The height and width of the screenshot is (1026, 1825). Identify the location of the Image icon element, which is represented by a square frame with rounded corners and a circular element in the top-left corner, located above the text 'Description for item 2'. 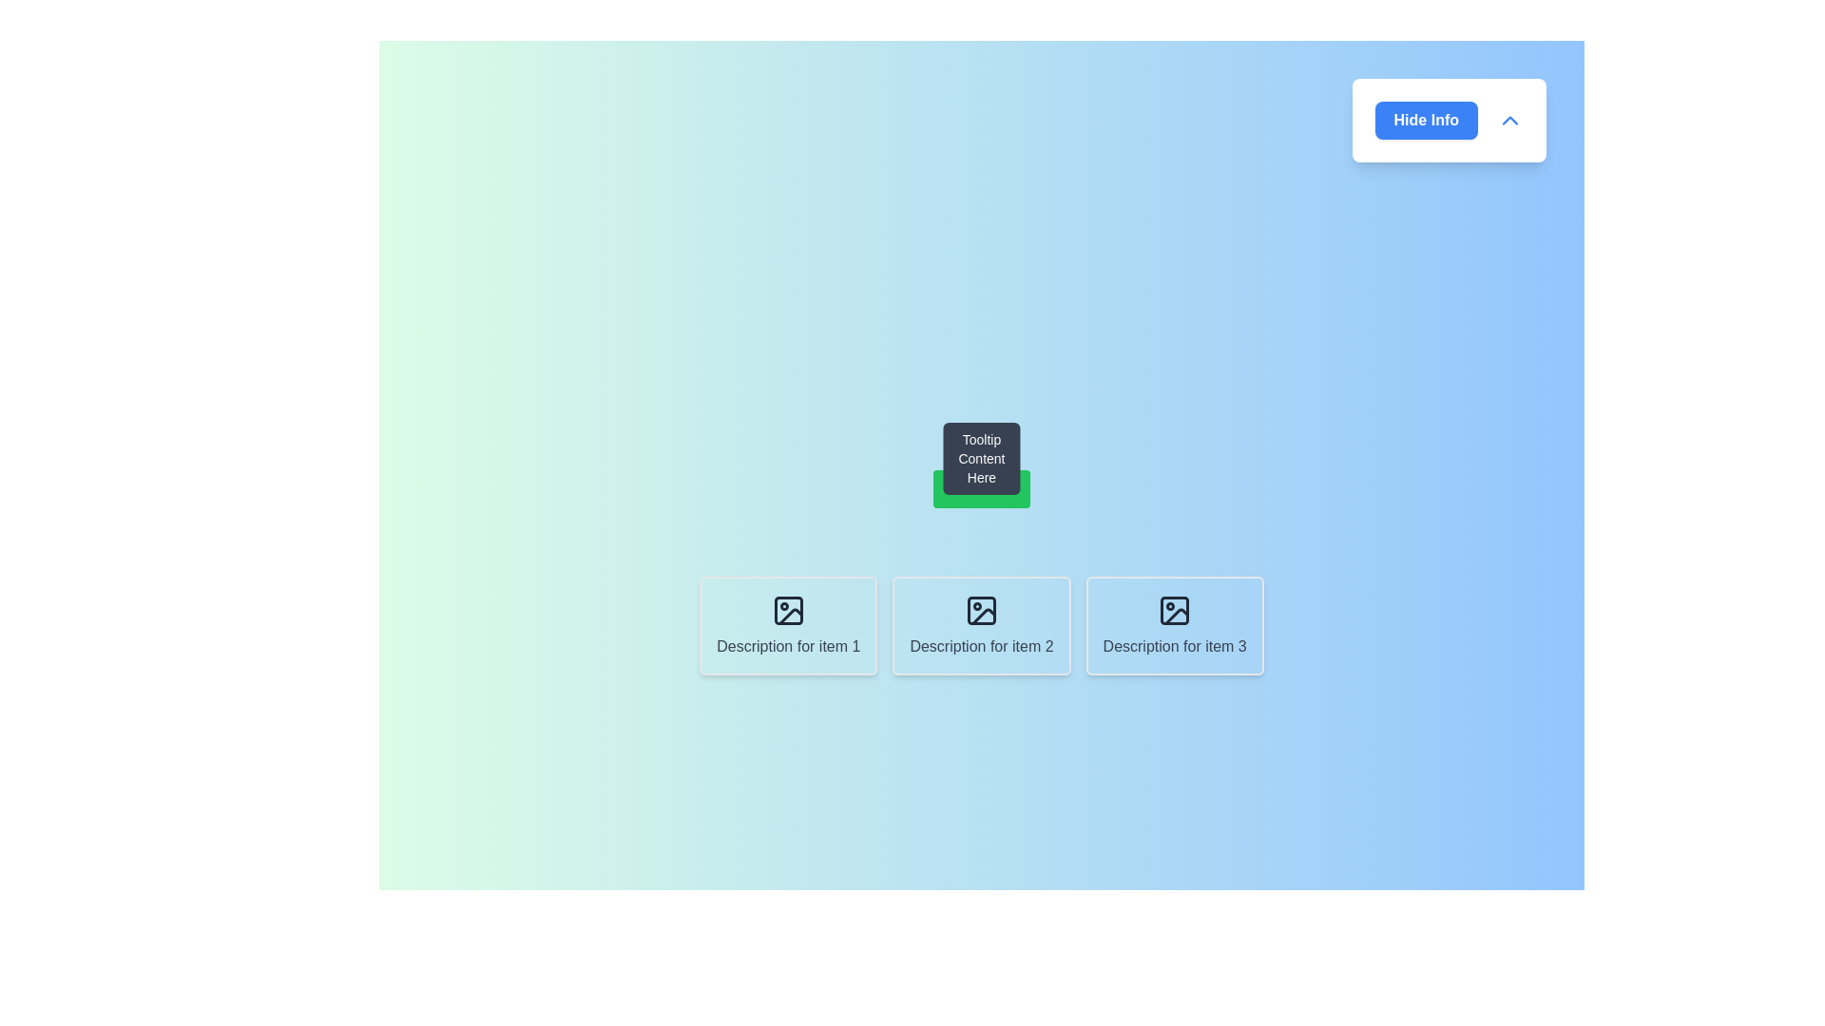
(981, 611).